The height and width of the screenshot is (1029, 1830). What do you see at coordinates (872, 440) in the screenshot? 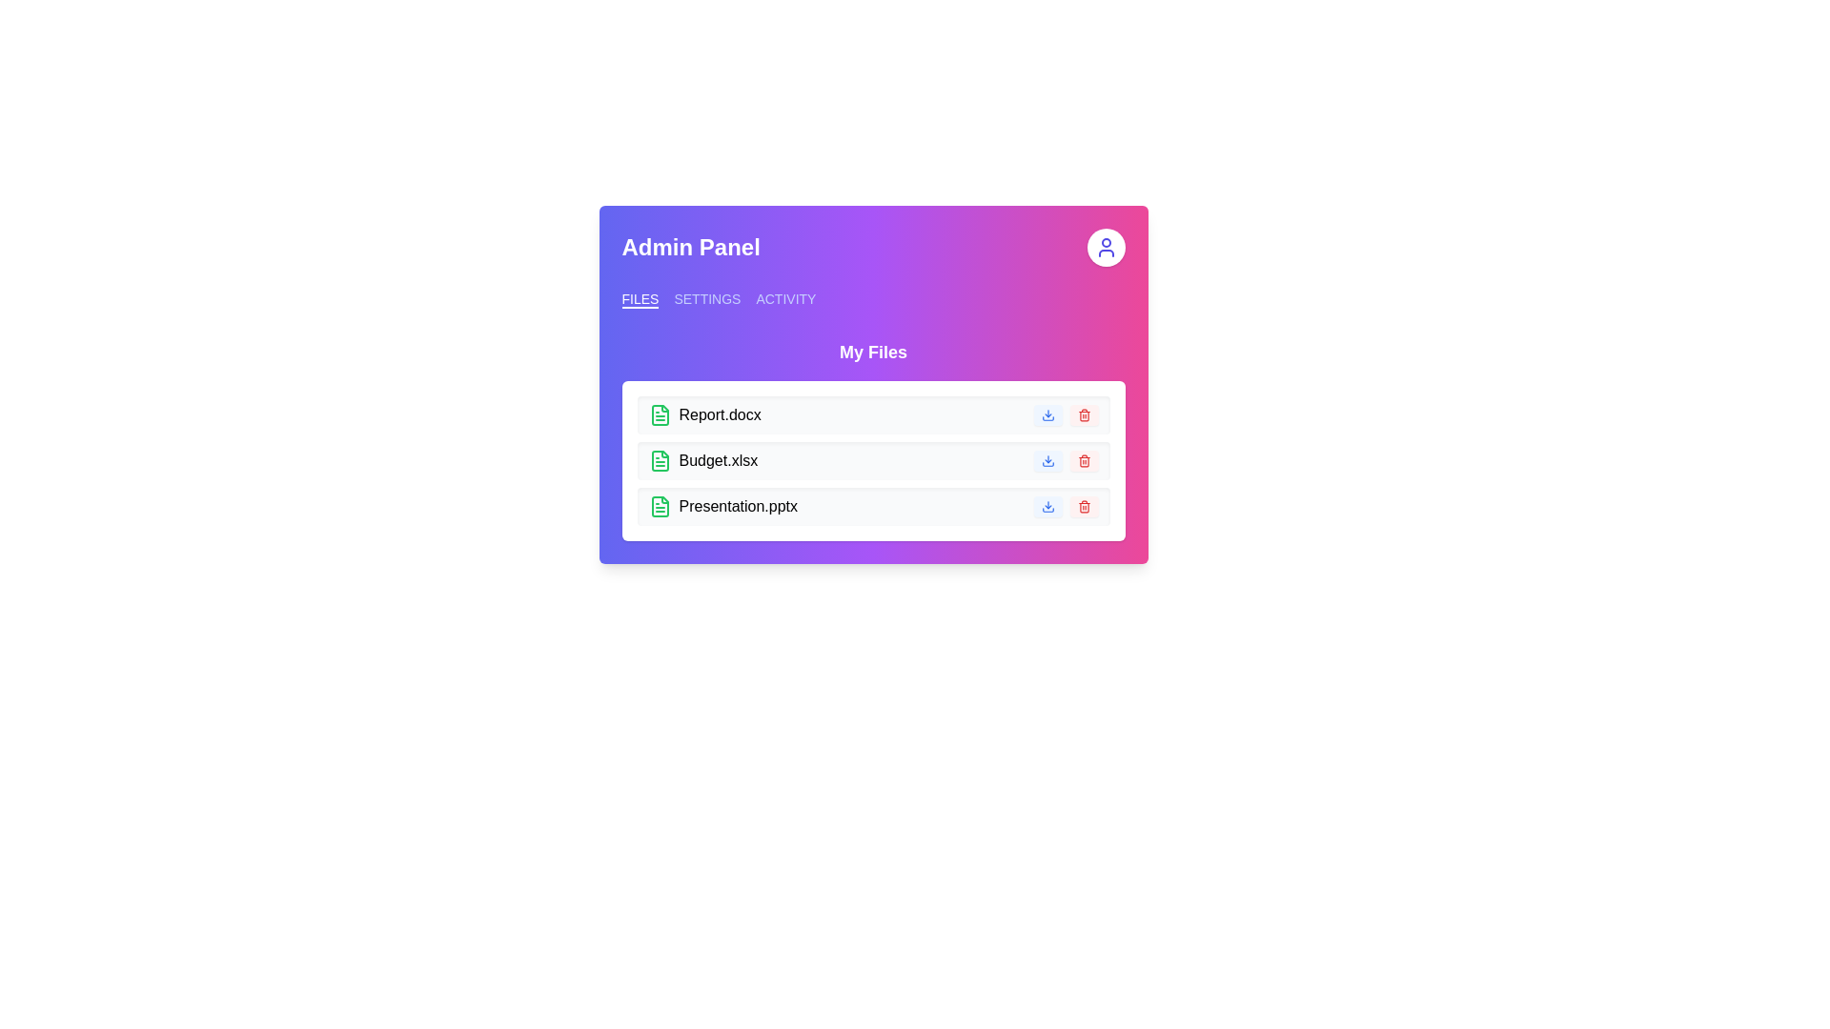
I see `the file name 'Budget.xlsx' in the 'My Files' list` at bounding box center [872, 440].